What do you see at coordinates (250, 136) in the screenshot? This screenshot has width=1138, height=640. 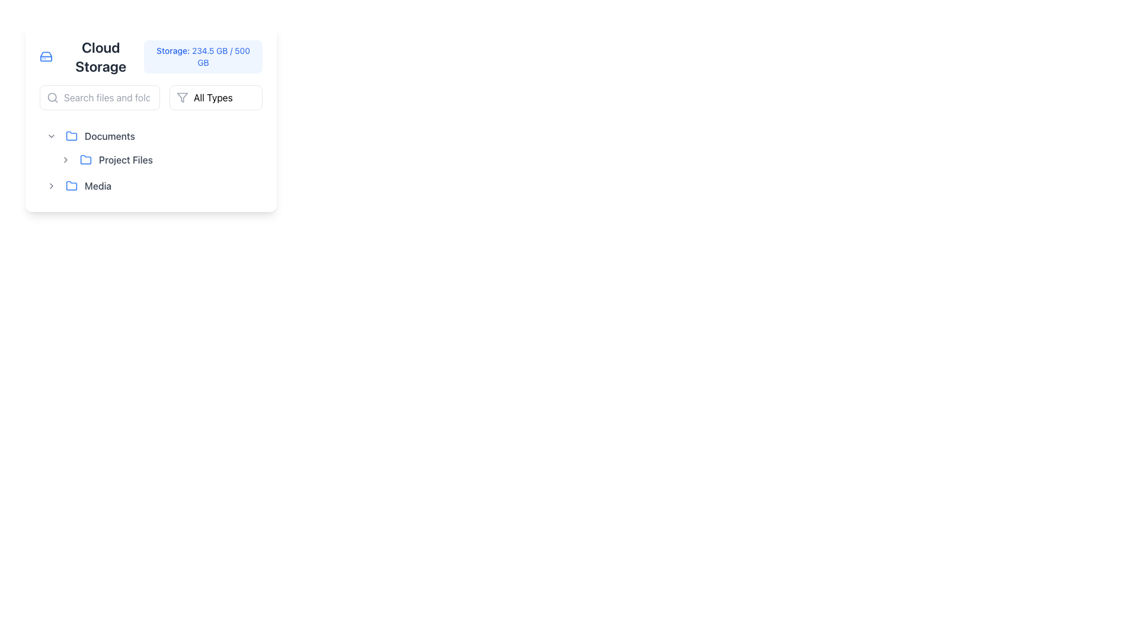 I see `the ellipsis button represented by three vertically aligned dots on the right side of the toolbar` at bounding box center [250, 136].